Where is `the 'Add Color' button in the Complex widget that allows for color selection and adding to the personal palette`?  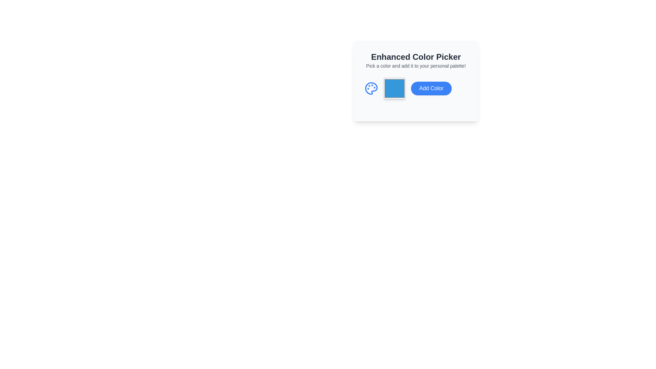
the 'Add Color' button in the Complex widget that allows for color selection and adding to the personal palette is located at coordinates (415, 80).